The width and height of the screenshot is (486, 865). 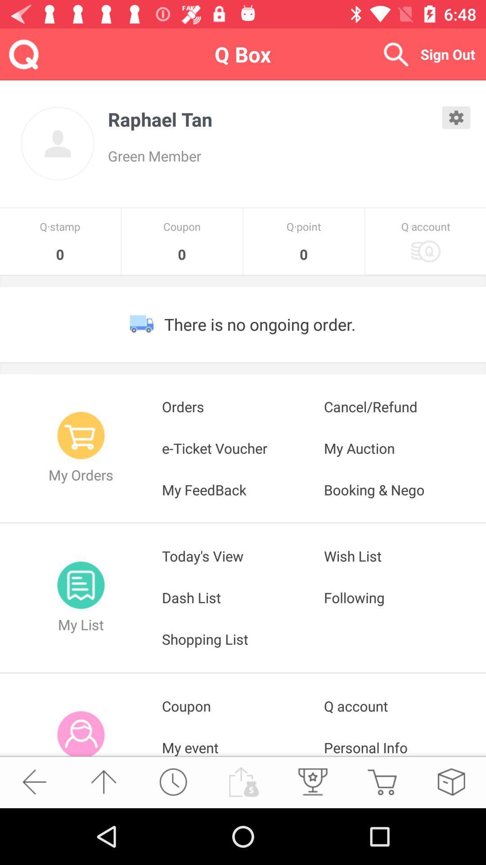 What do you see at coordinates (404, 406) in the screenshot?
I see `the app next to the orders icon` at bounding box center [404, 406].